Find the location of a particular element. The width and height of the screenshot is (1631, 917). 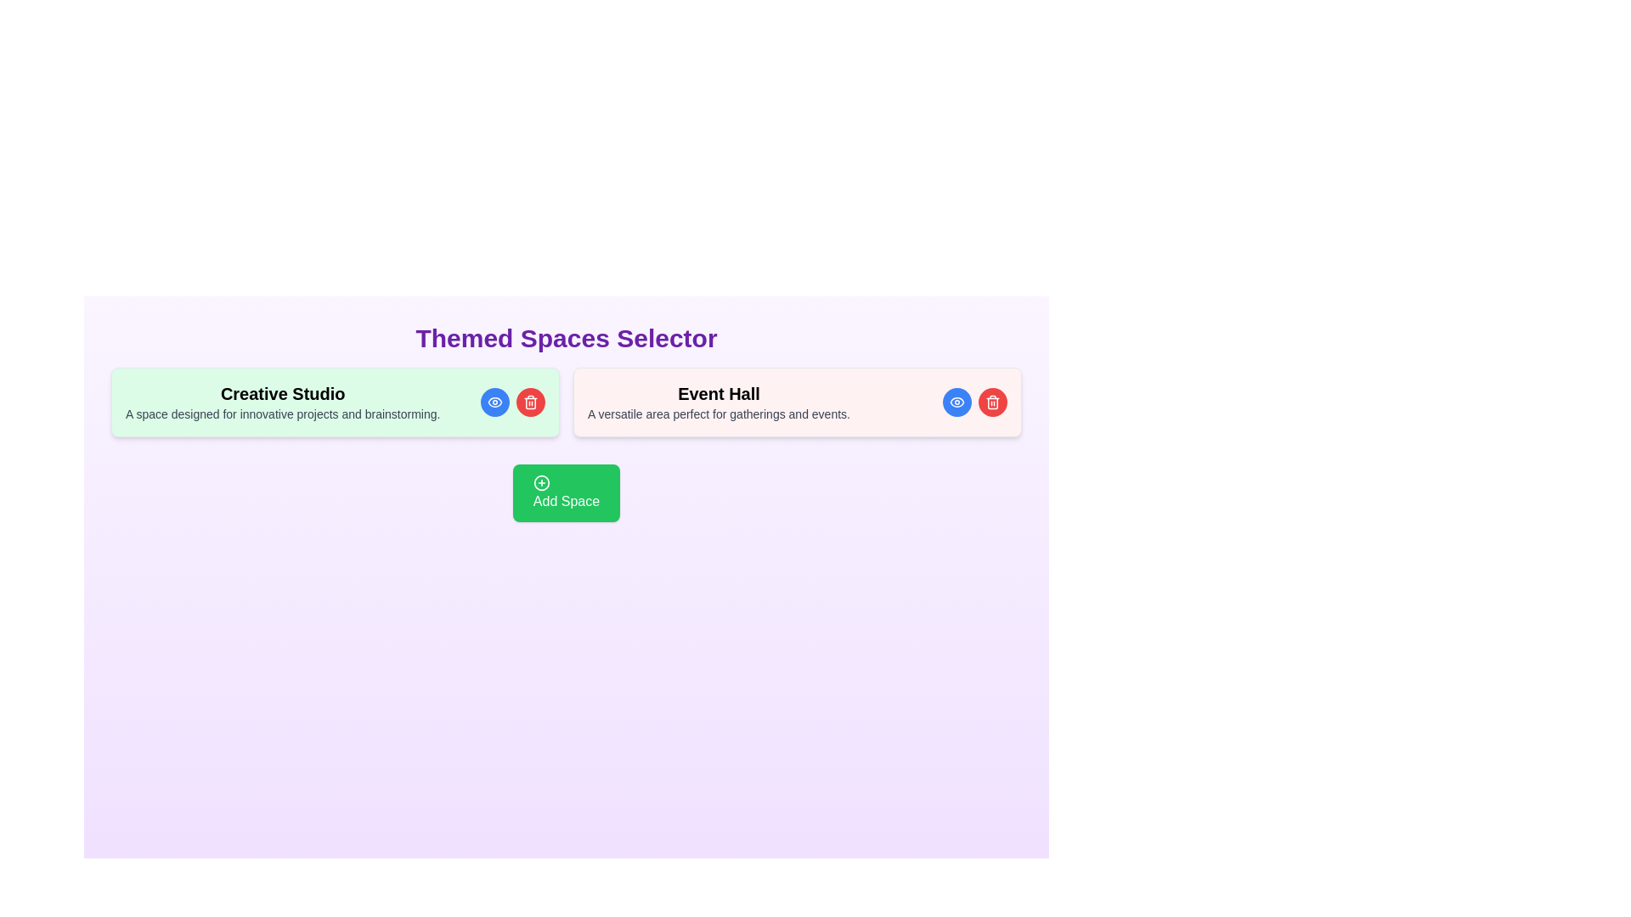

the static text element that describes the 'Creative Studio', located within a light green box directly below the title, positioned in the leftmost card of two horizontally aligned cards is located at coordinates (283, 414).